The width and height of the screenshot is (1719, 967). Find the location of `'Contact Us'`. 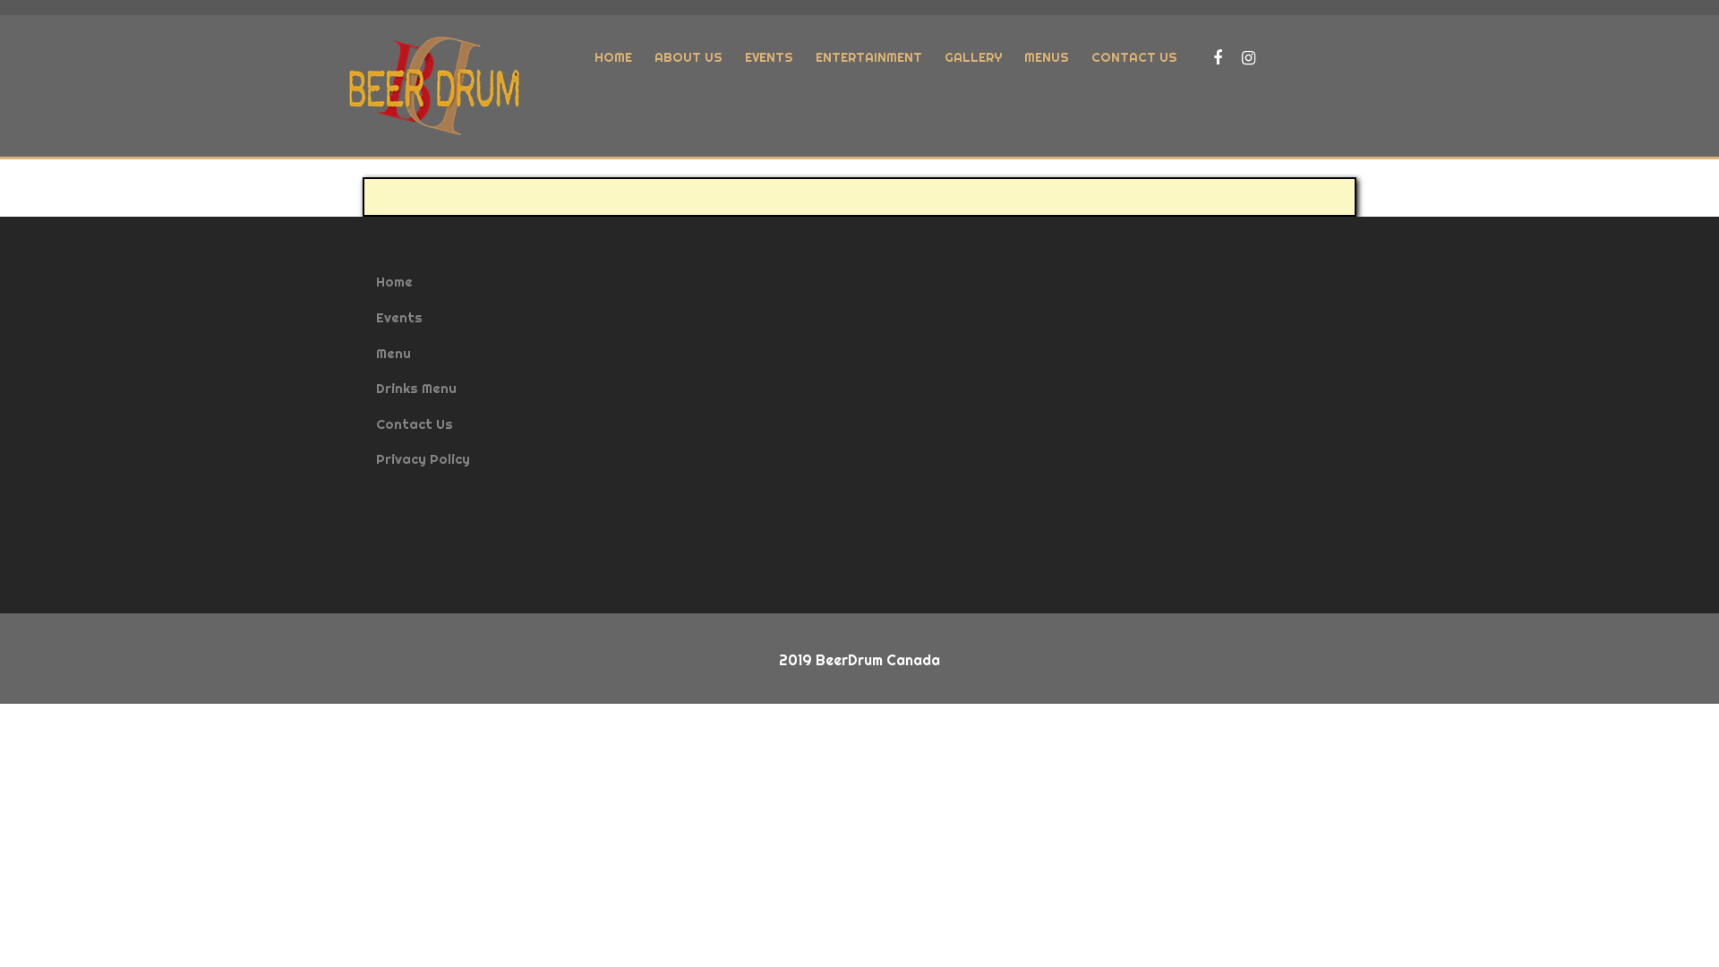

'Contact Us' is located at coordinates (413, 424).